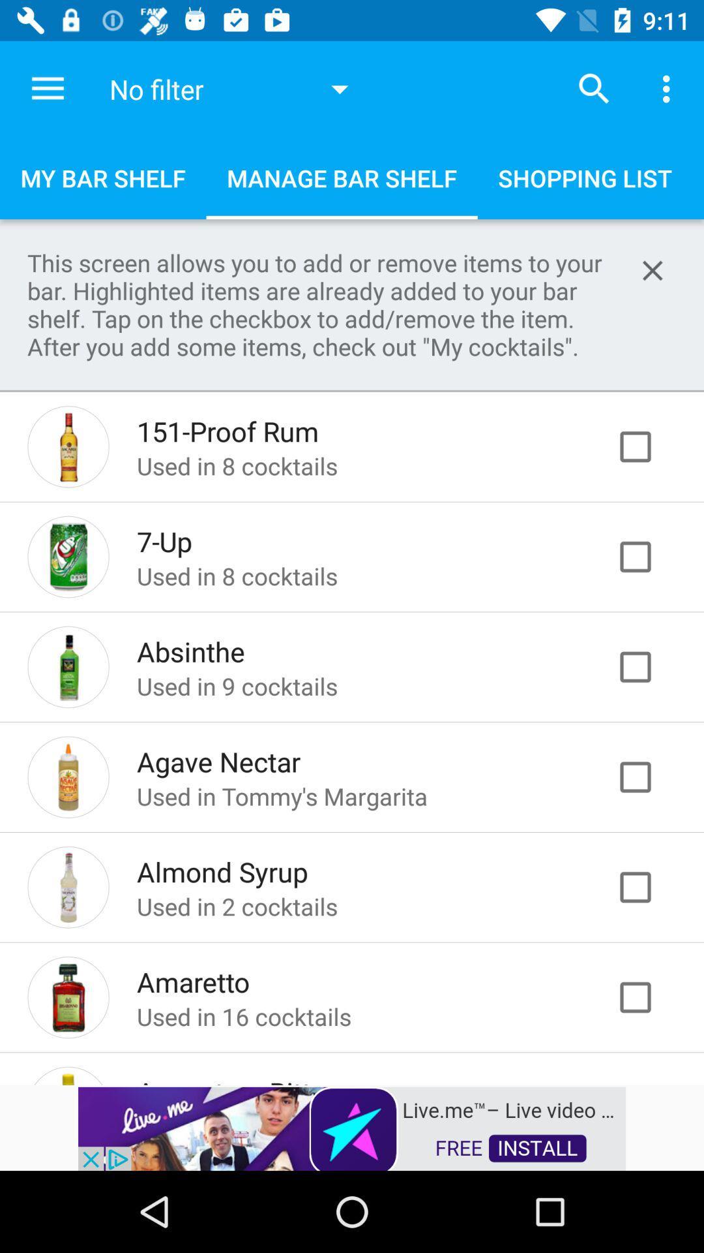 This screenshot has width=704, height=1253. I want to click on the box, so click(649, 777).